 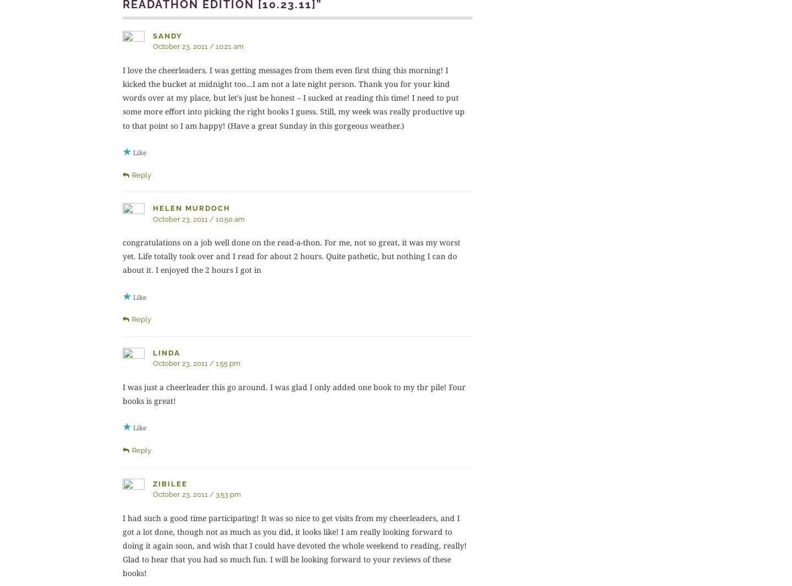 I want to click on 'Helen Murdoch', so click(x=191, y=207).